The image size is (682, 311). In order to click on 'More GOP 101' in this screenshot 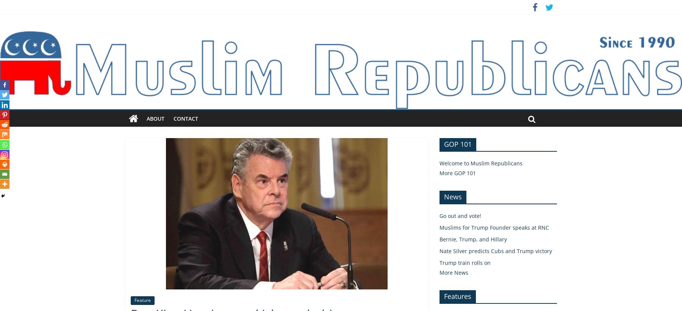, I will do `click(457, 173)`.